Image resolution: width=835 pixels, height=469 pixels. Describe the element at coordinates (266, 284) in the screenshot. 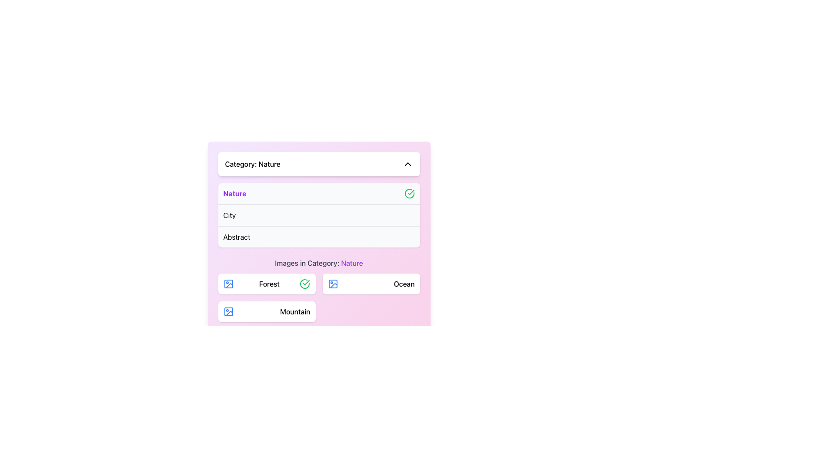

I see `the selectable item labeled 'Forest' with a blue image icon and a green checkmark icon` at that location.